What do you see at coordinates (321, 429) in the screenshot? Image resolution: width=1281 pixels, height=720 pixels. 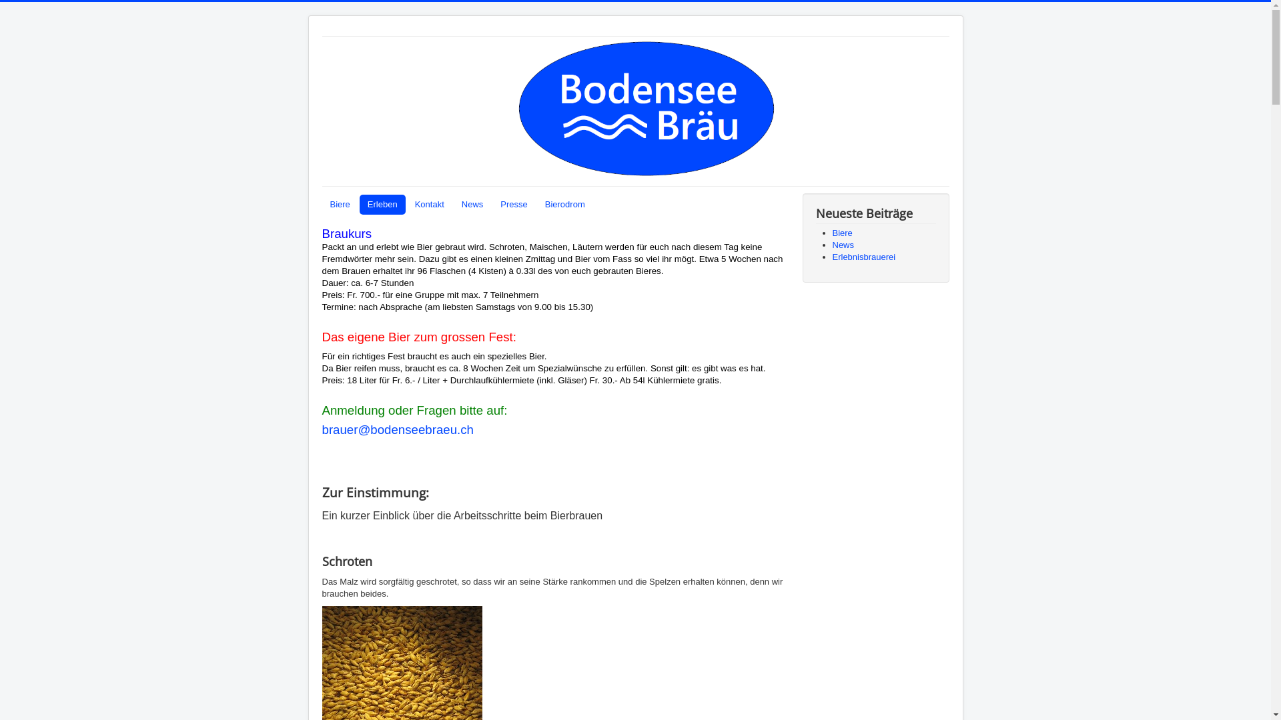 I see `'brauer@bodenseebraeu.ch'` at bounding box center [321, 429].